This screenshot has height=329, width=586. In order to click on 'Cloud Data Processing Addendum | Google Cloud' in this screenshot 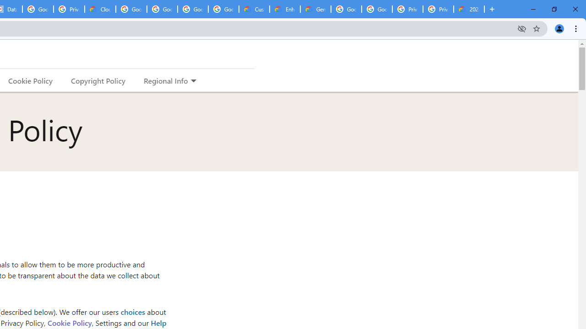, I will do `click(100, 9)`.